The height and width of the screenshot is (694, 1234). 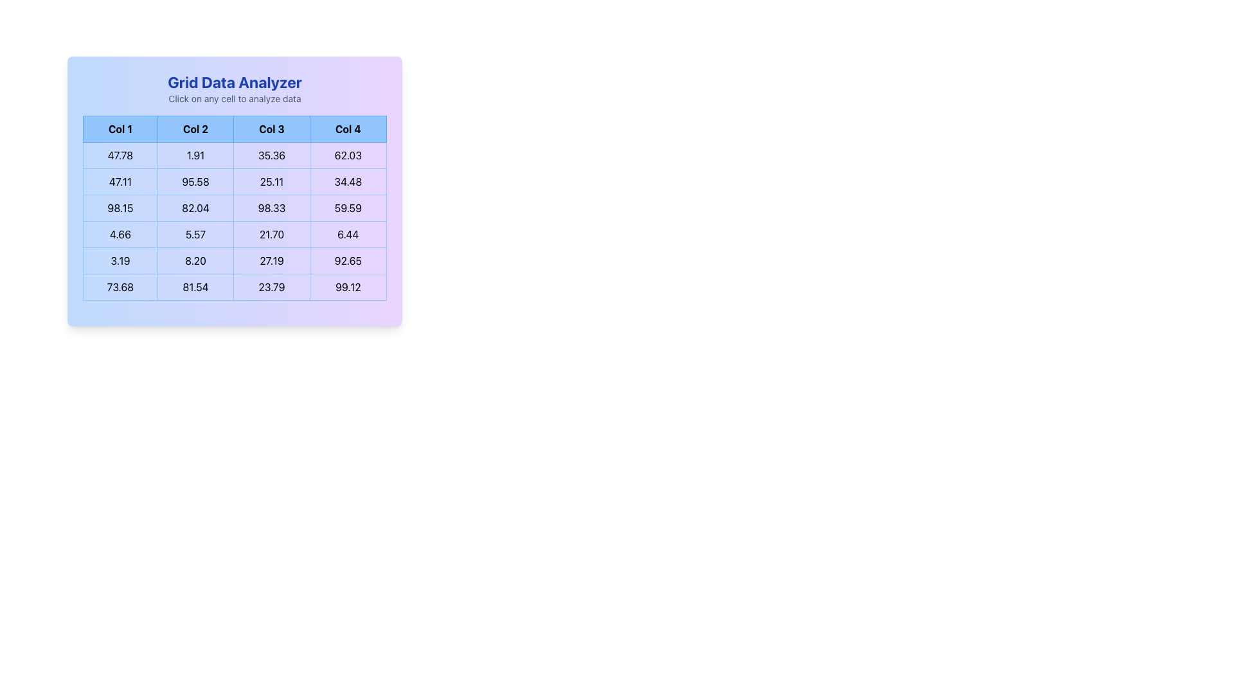 I want to click on the data grid cell in the fourth column and fourth row displaying '6.44', which is bordered and has a light background color, so click(x=348, y=235).